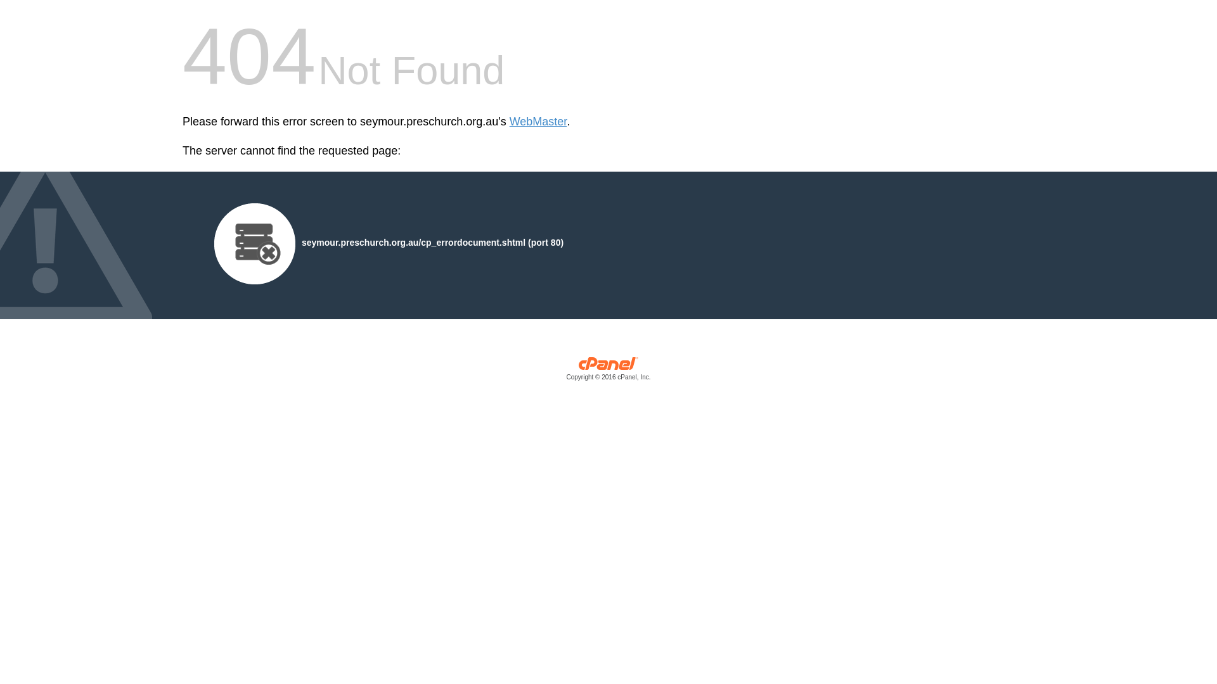 The image size is (1217, 684). I want to click on 'WebMaster', so click(538, 122).